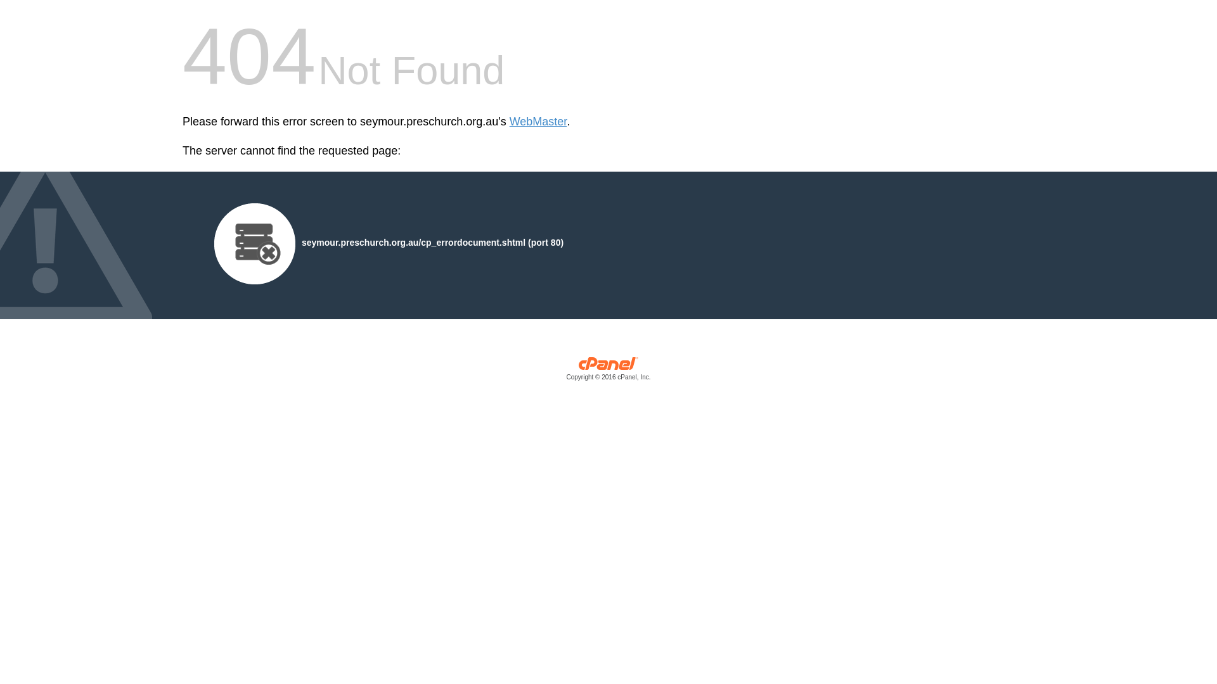 The image size is (1217, 684). I want to click on 'WebMaster', so click(538, 122).